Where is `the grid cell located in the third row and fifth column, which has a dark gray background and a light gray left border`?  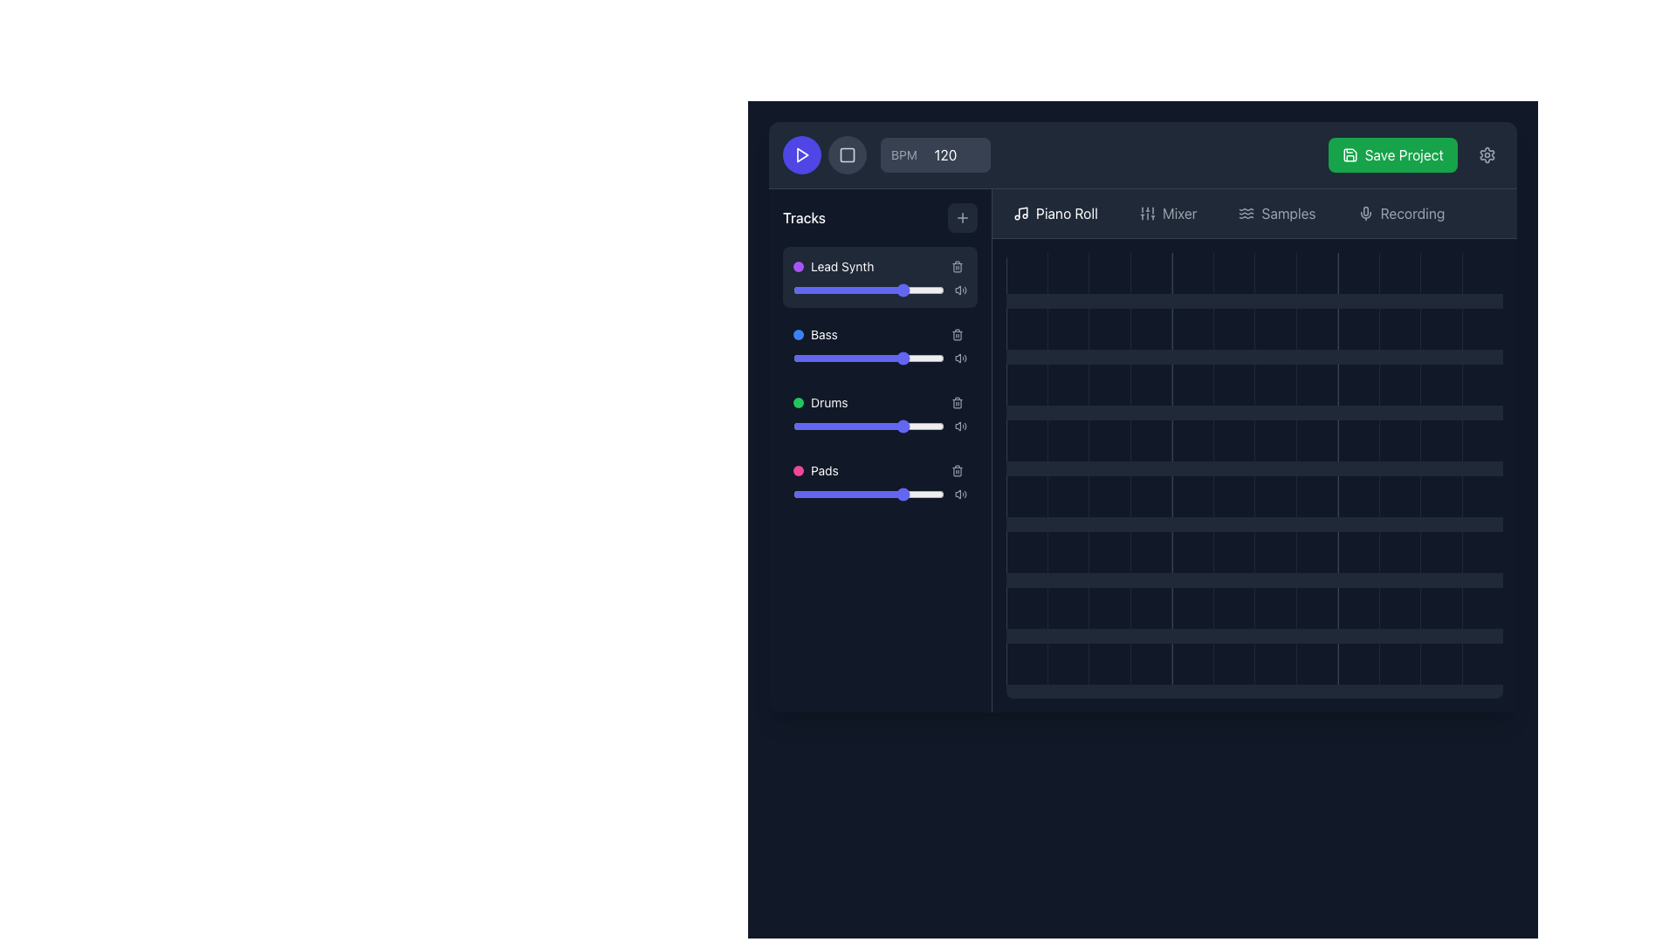 the grid cell located in the third row and fifth column, which has a dark gray background and a light gray left border is located at coordinates (1192, 384).